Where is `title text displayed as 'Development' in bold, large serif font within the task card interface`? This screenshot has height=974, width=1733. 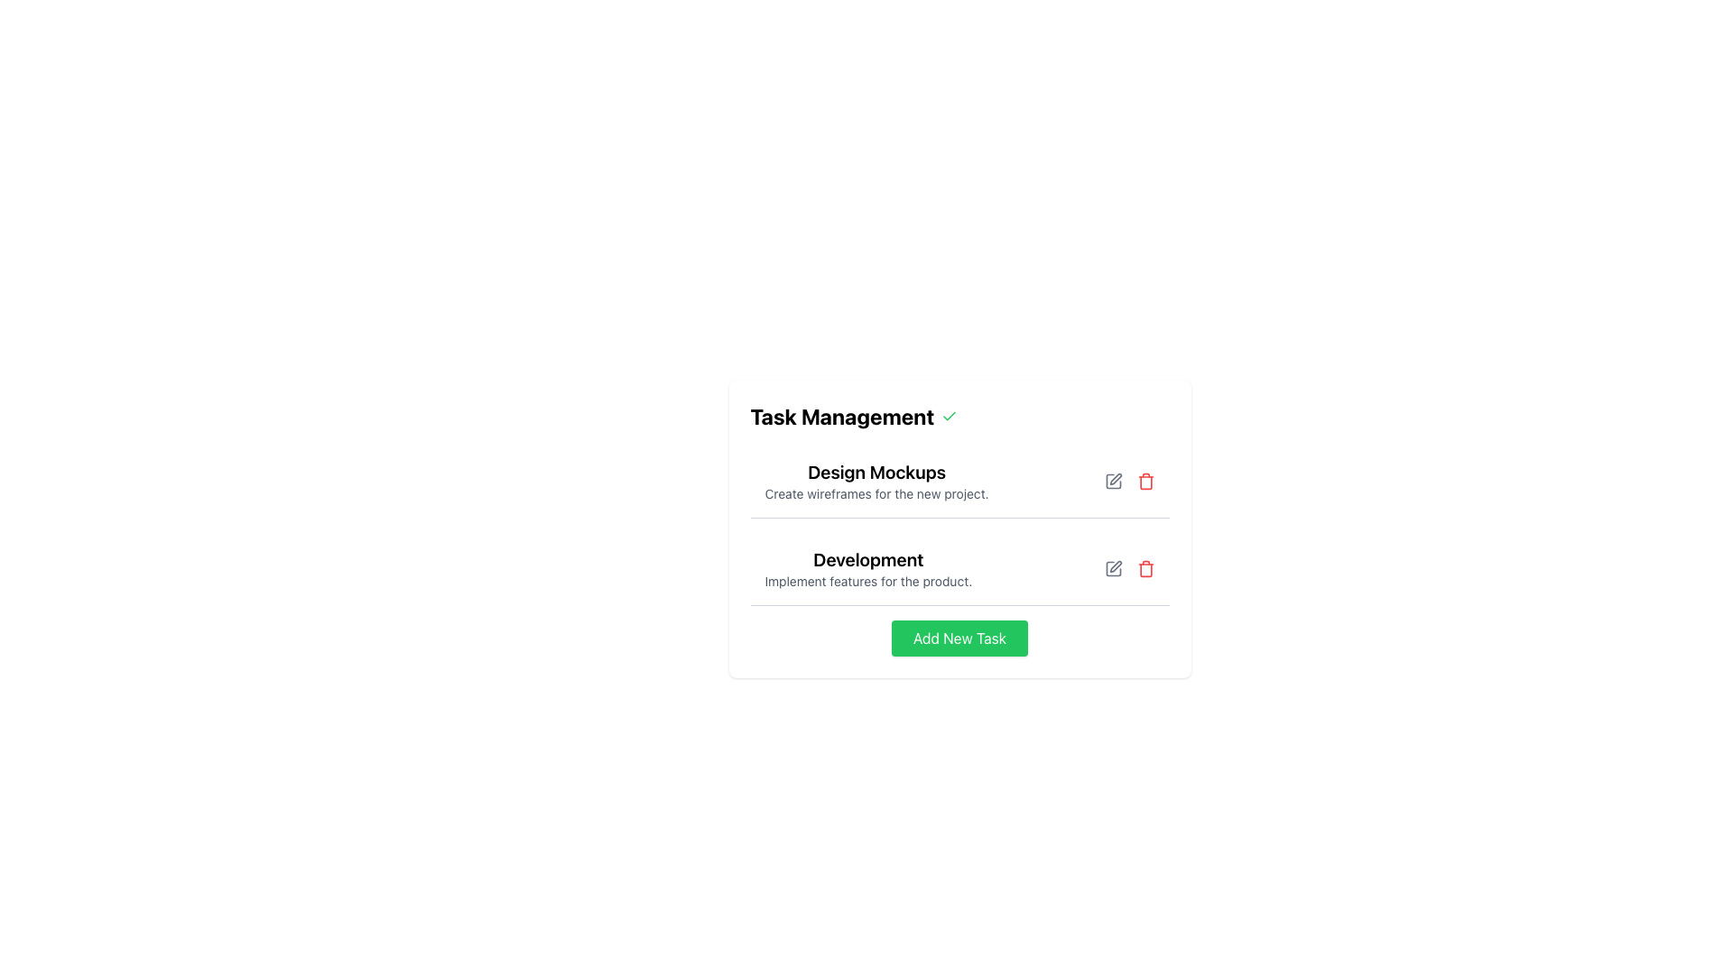
title text displayed as 'Development' in bold, large serif font within the task card interface is located at coordinates (868, 559).